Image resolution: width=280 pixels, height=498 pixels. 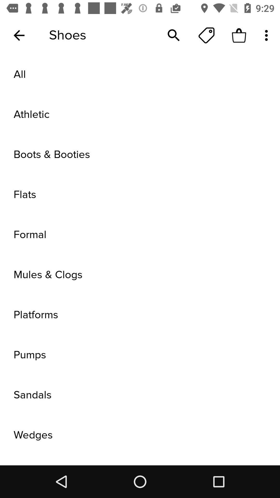 I want to click on the flats, so click(x=140, y=194).